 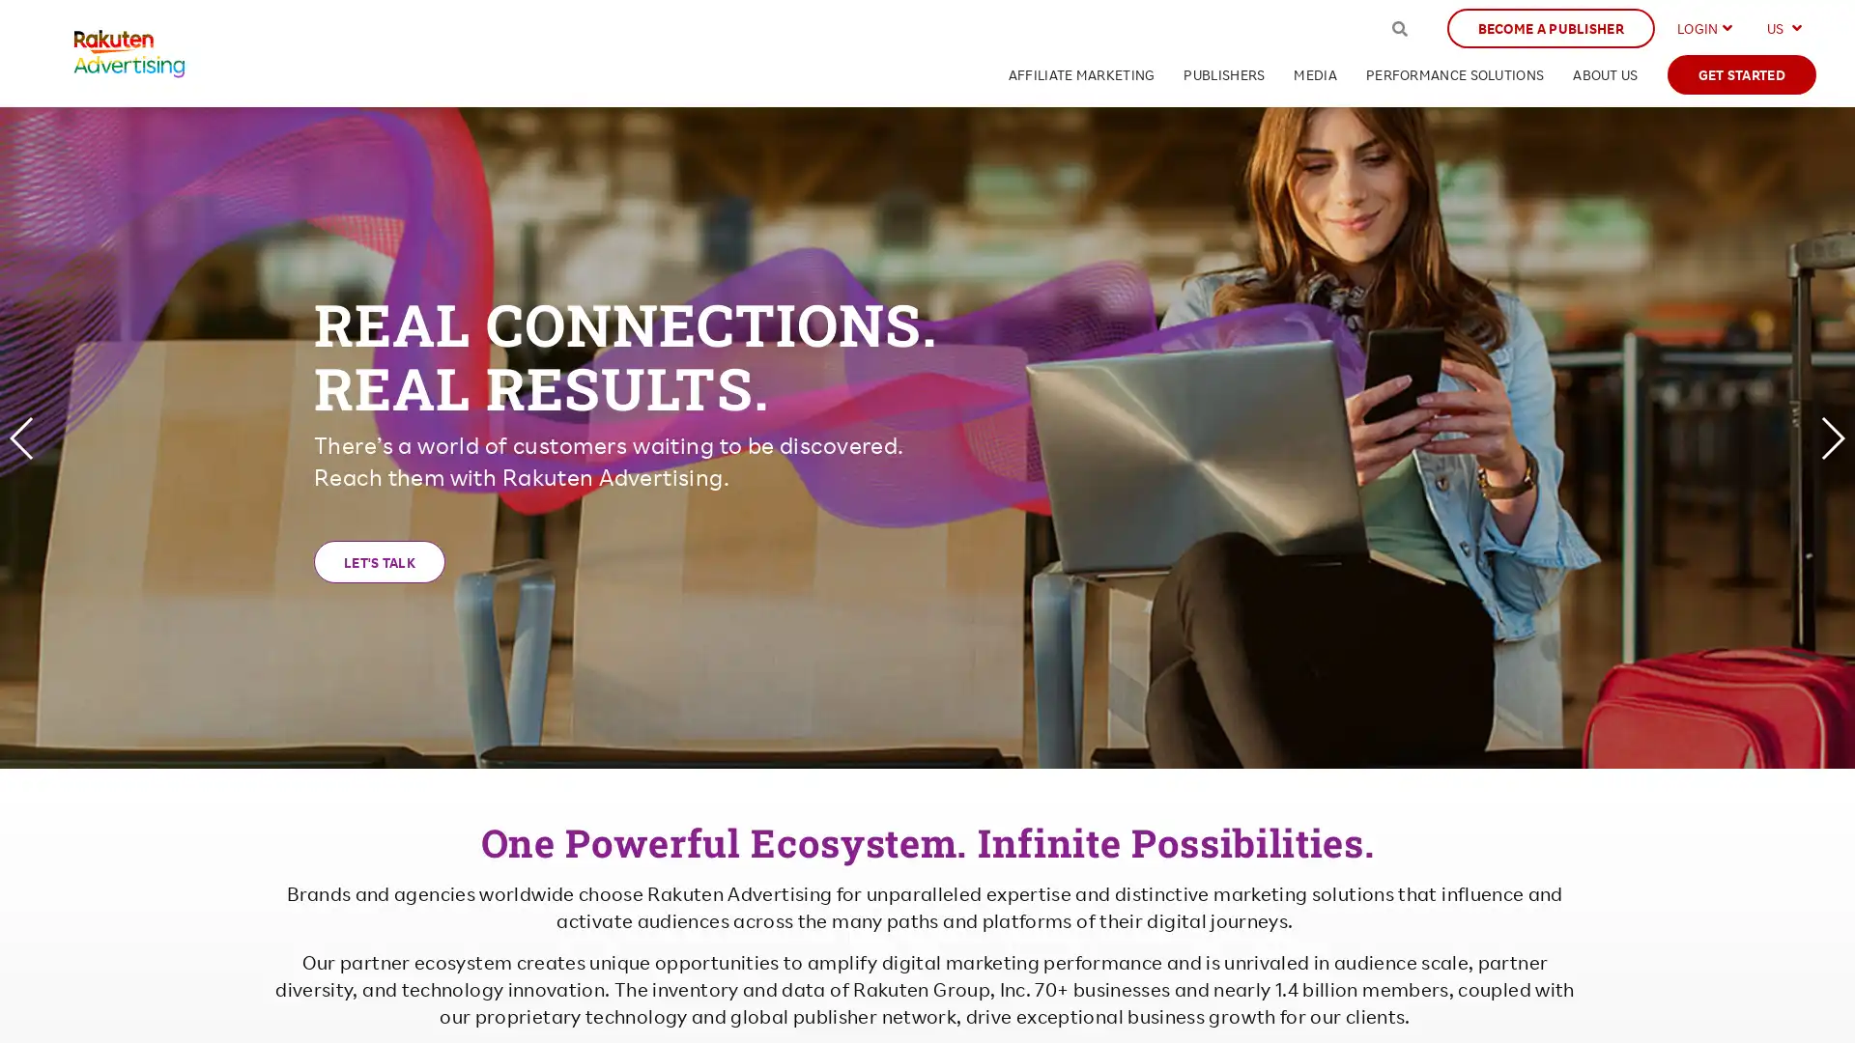 I want to click on Search Submit, so click(x=1399, y=28).